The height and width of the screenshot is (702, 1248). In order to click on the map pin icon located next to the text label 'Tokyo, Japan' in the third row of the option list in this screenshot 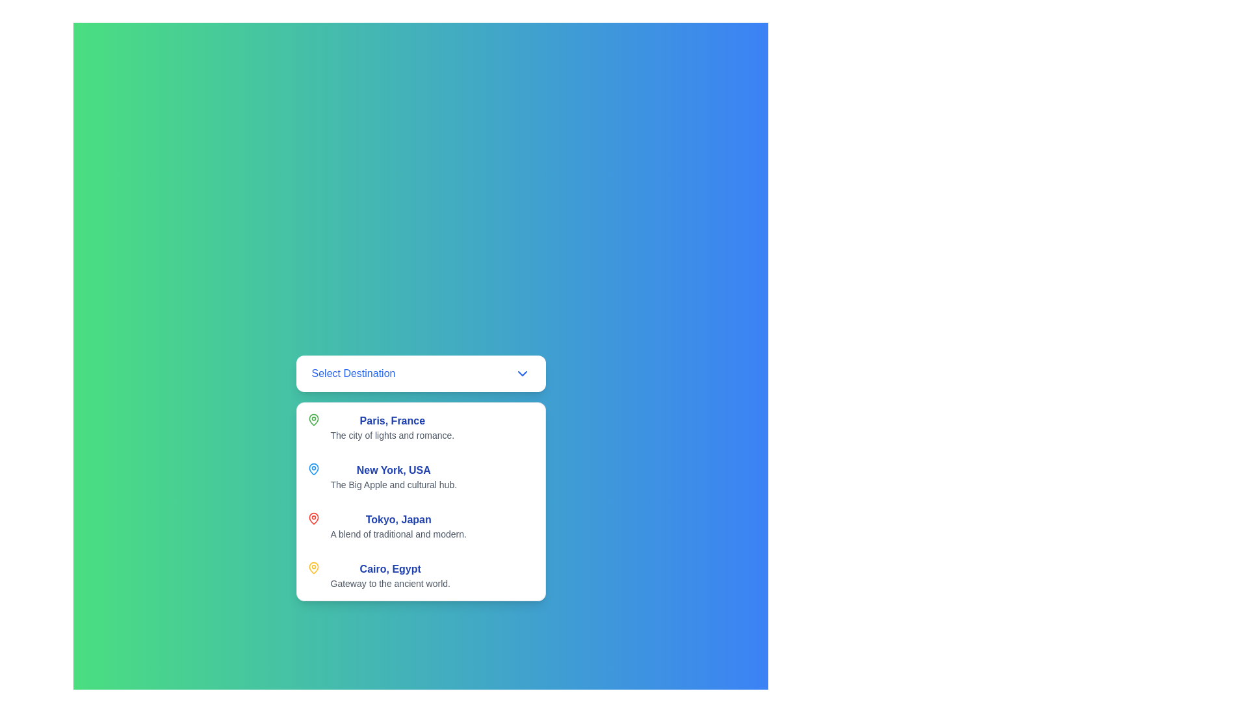, I will do `click(313, 518)`.